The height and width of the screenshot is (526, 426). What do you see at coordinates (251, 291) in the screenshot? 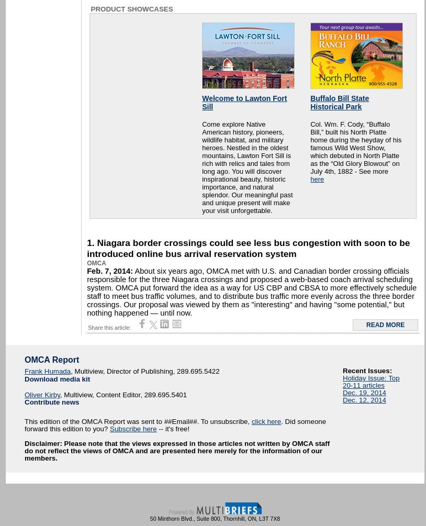
I see `'About six years ago, OMCA met with U.S. and Canadian border crossing officials responsible for the three Niagara crossings and proposed a web-based coach arrival scheduling system. OMCA put forward the idea as a way for US CBP and CBSA to more effectively schedule staff to meet bus traffic volumes, and to distribute bus traffic more evenly across the three border crossings. Our proposal was viewed by them as "interesting" and having "some potential," but nothing happened — until now.'` at bounding box center [251, 291].